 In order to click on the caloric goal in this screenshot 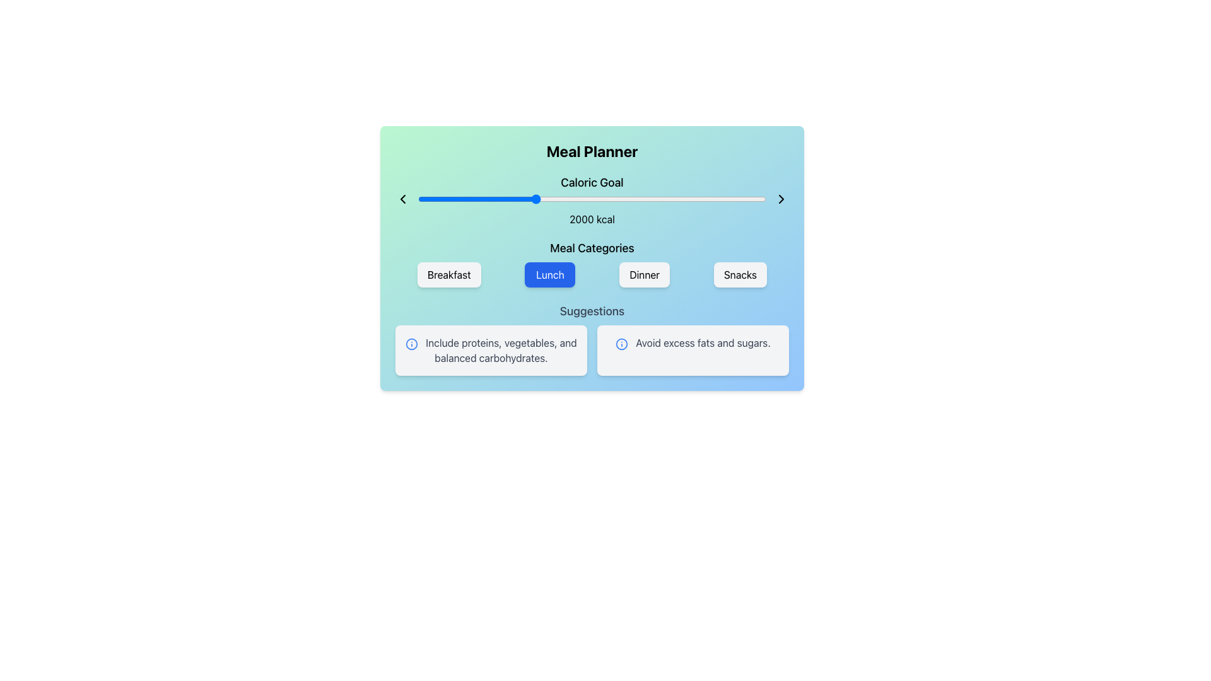, I will do `click(532, 199)`.